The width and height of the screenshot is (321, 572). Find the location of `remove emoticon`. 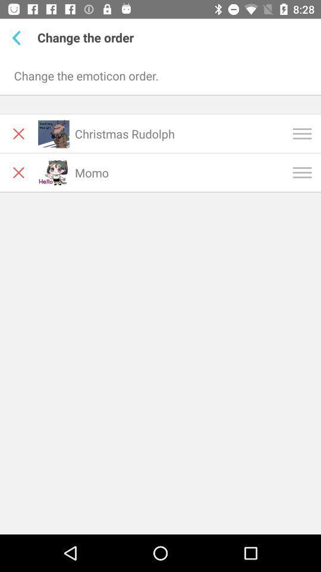

remove emoticon is located at coordinates (18, 133).